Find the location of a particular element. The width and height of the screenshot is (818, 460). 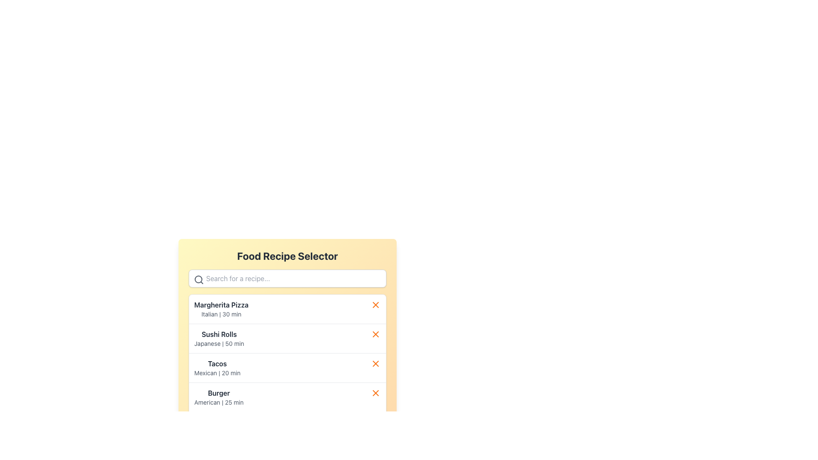

small gray text label that says 'Italian | 30 min', which provides additional details about the 'Margherita Pizza' menu item, located beneath it is located at coordinates (221, 314).